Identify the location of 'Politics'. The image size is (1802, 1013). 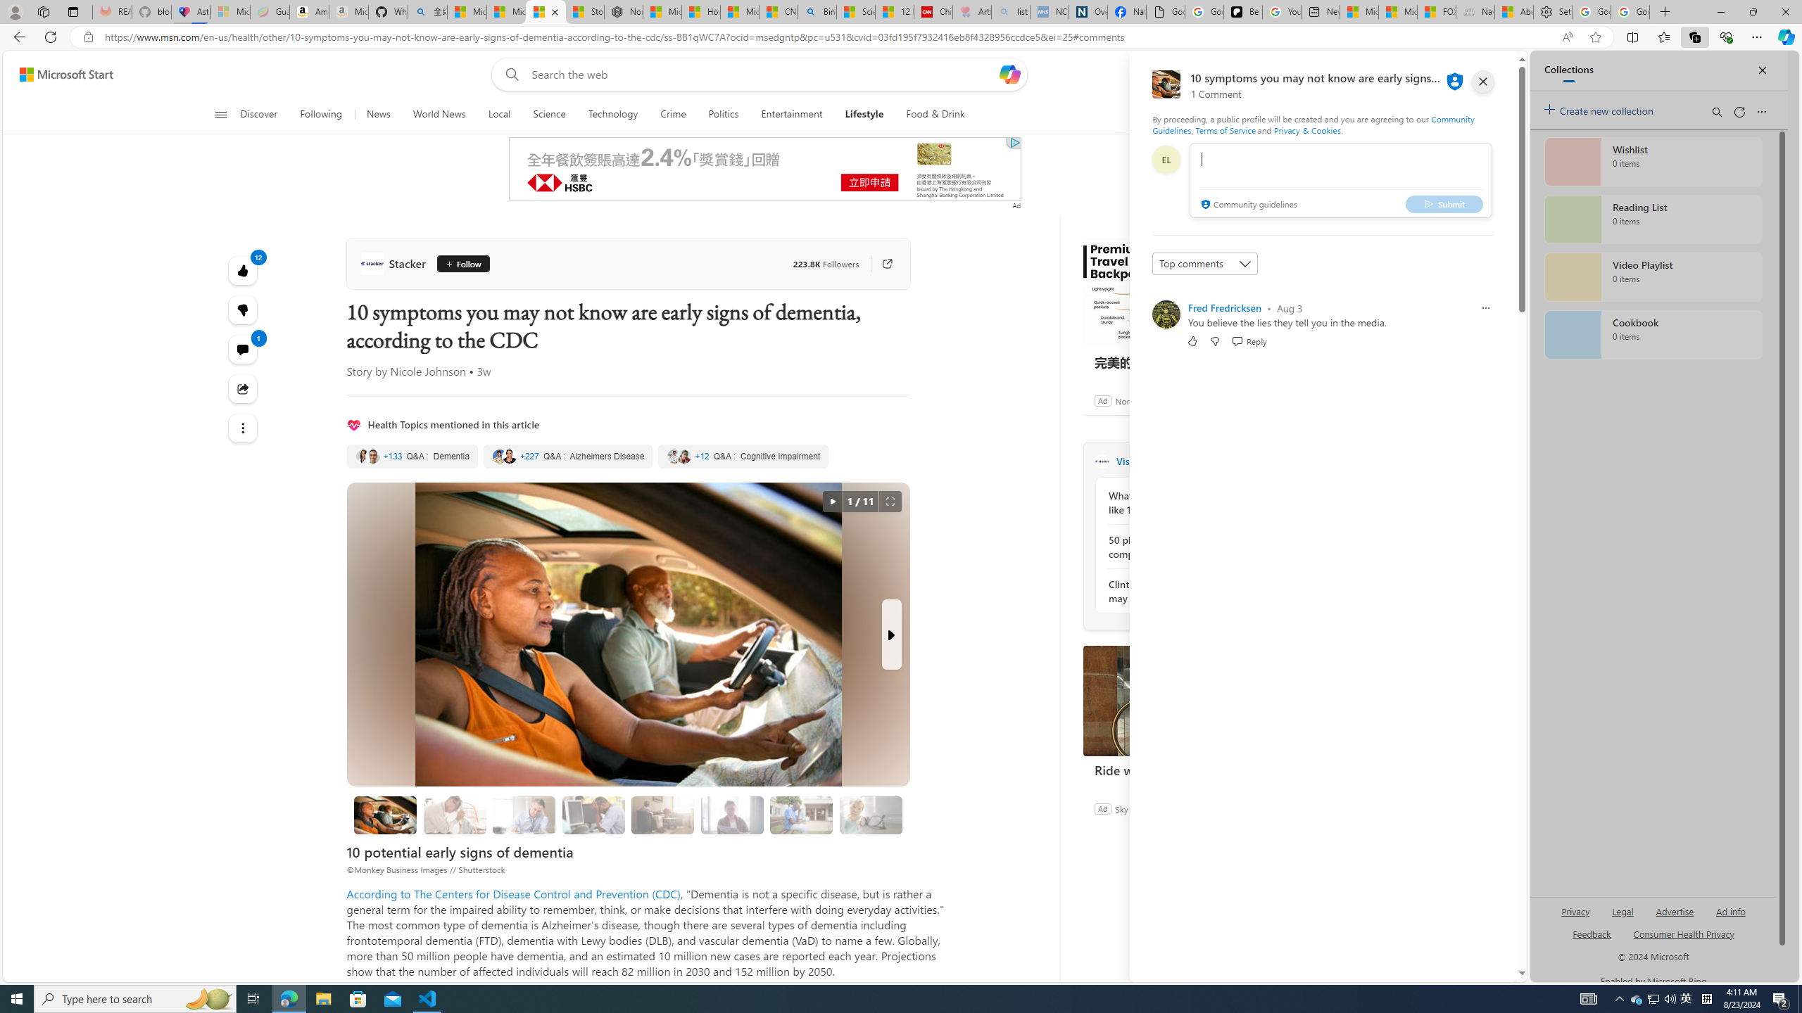
(723, 114).